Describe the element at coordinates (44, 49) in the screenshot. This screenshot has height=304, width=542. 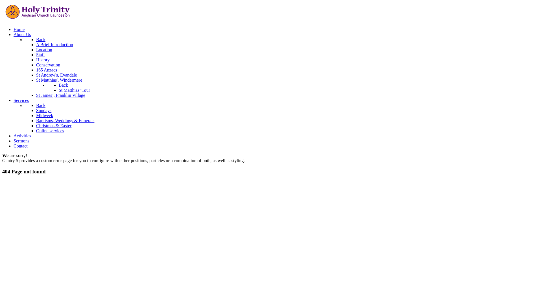
I see `'Location'` at that location.